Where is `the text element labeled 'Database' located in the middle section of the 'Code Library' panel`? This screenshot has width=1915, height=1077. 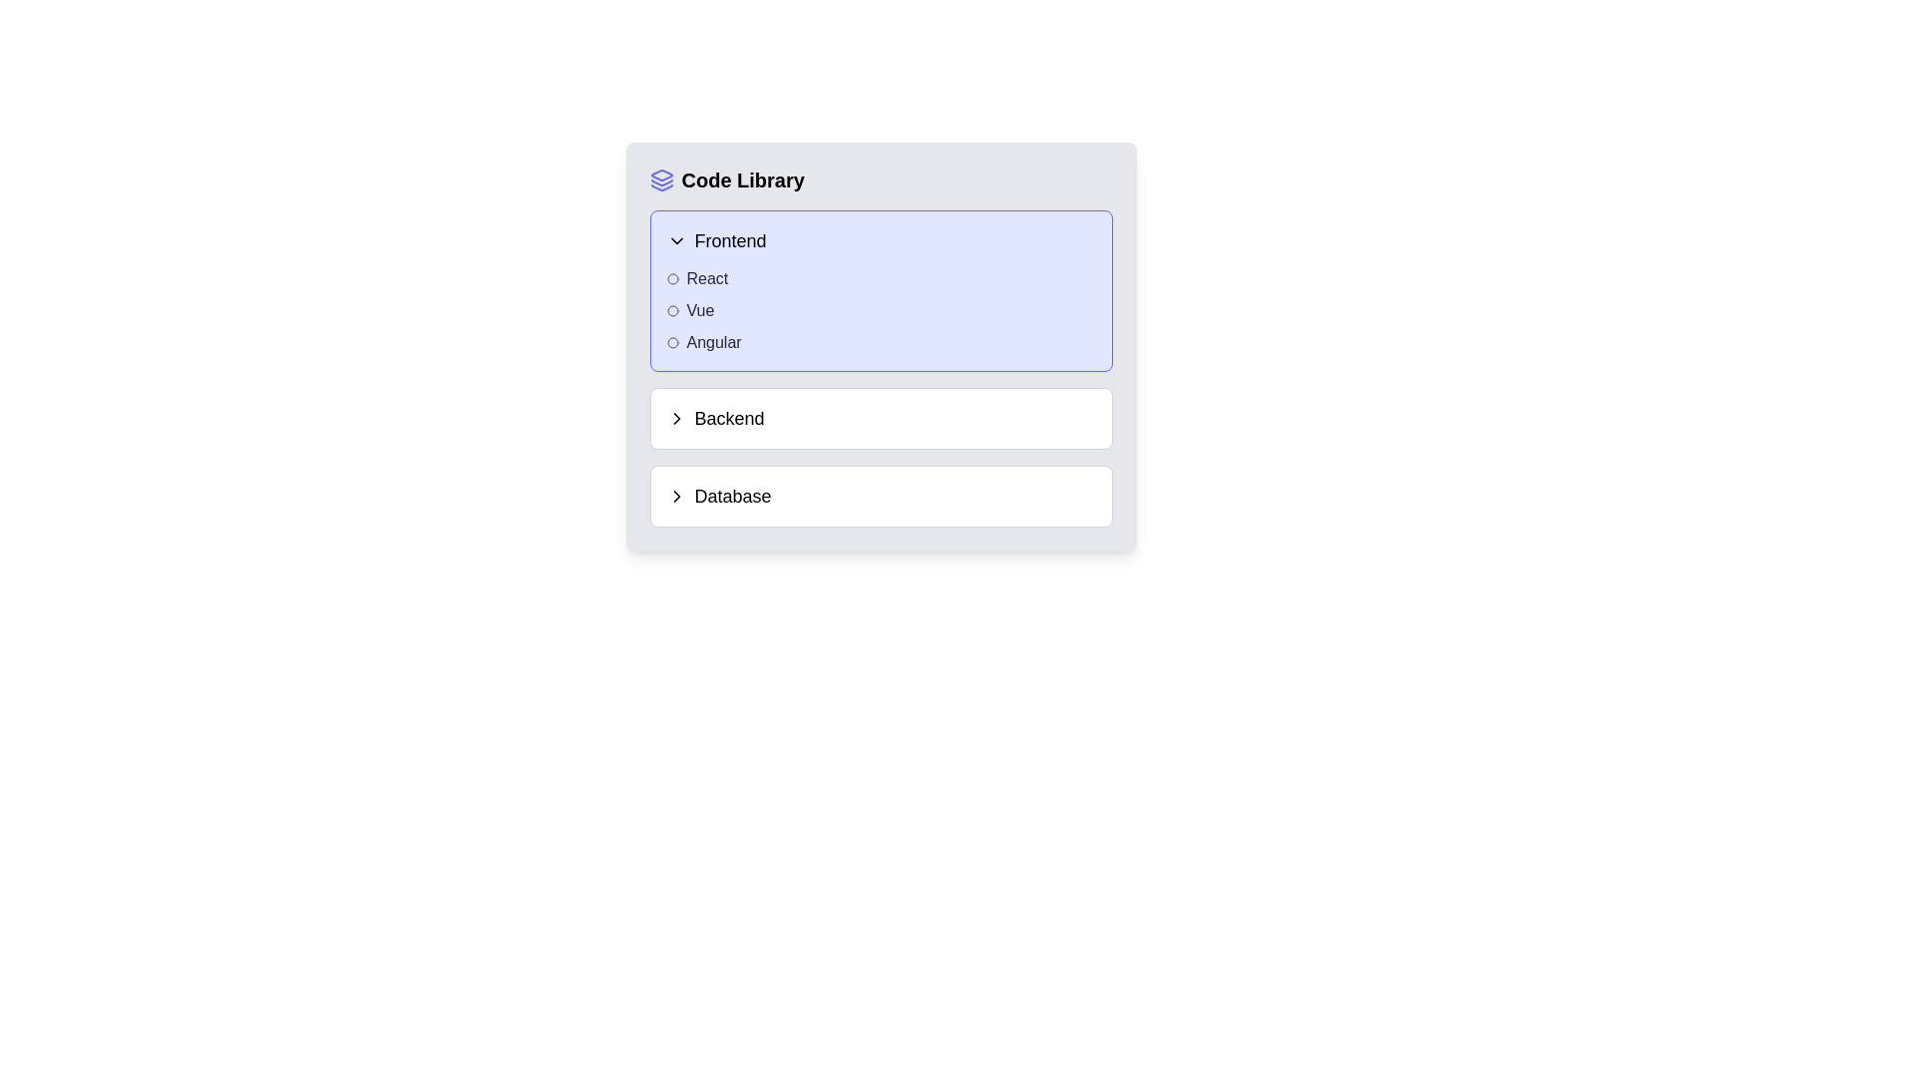
the text element labeled 'Database' located in the middle section of the 'Code Library' panel is located at coordinates (731, 495).